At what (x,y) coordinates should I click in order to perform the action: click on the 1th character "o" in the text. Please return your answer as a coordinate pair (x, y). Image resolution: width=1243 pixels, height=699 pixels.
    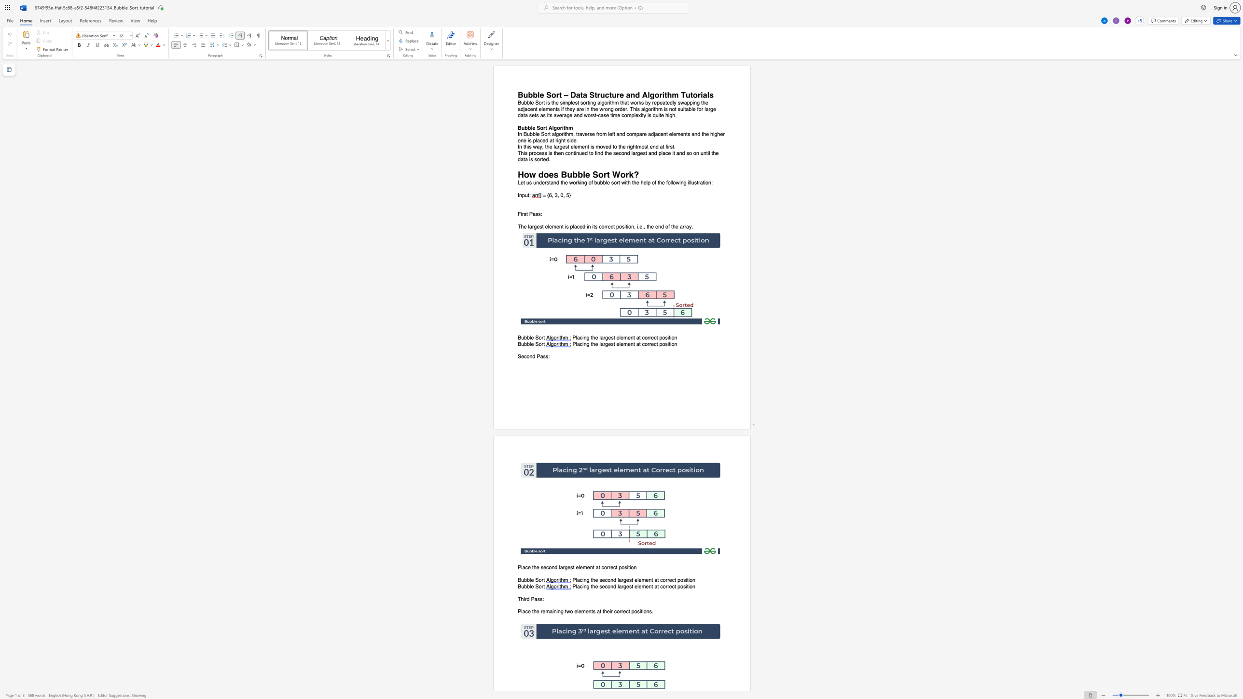
    Looking at the image, I should click on (540, 338).